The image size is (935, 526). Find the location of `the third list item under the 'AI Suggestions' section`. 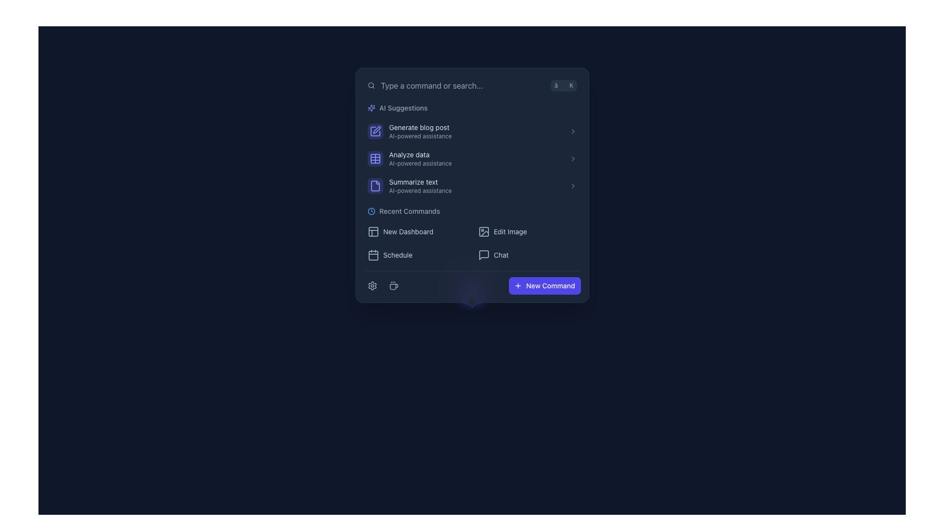

the third list item under the 'AI Suggestions' section is located at coordinates (472, 186).